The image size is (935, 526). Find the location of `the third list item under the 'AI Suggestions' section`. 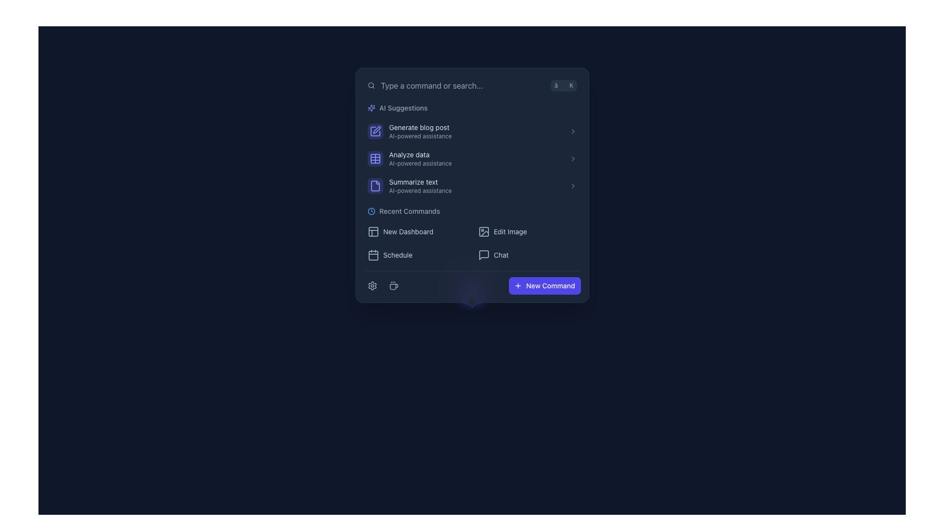

the third list item under the 'AI Suggestions' section is located at coordinates (472, 186).